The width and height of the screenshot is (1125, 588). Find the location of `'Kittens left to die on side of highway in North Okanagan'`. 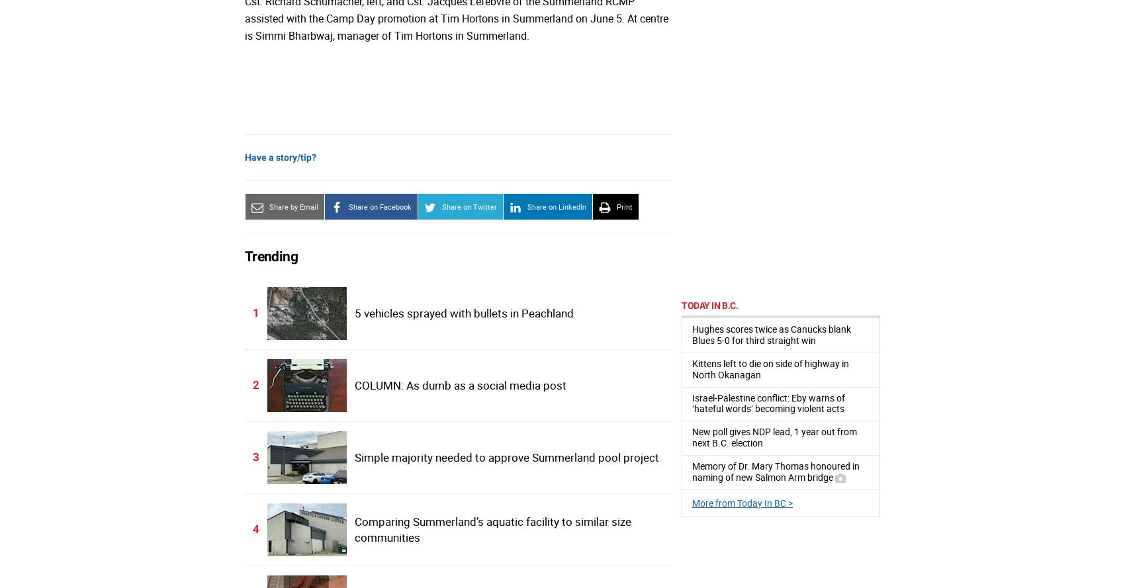

'Kittens left to die on side of highway in North Okanagan' is located at coordinates (770, 368).